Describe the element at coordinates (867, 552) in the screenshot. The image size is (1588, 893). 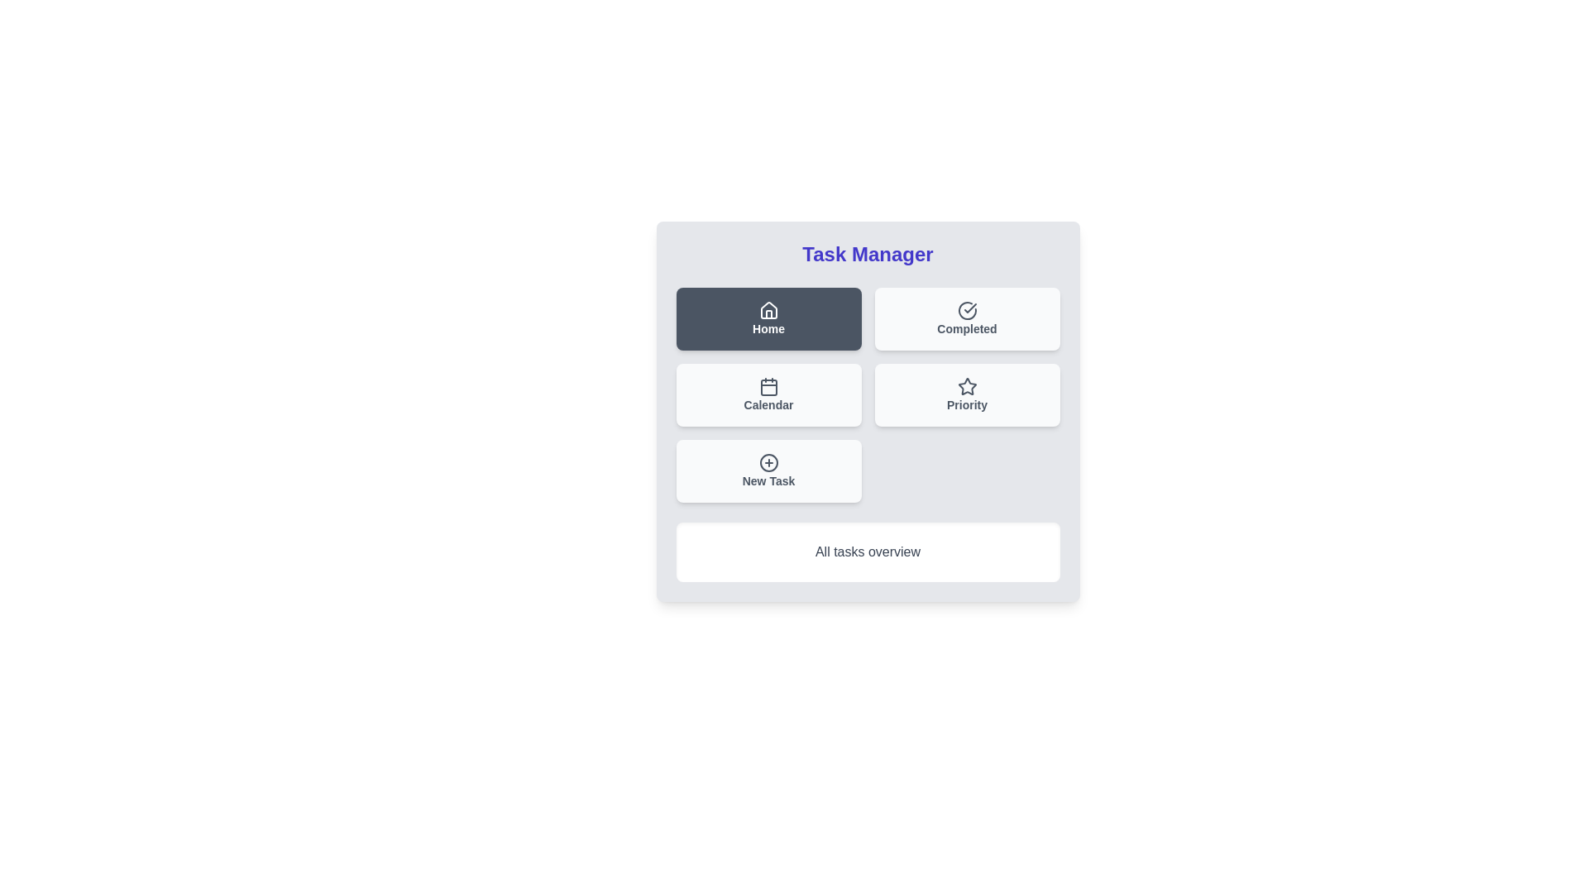
I see `the text label displaying 'All tasks overview', which is located at the bottom center of the task management interface panel within a white, rounded-corner box` at that location.